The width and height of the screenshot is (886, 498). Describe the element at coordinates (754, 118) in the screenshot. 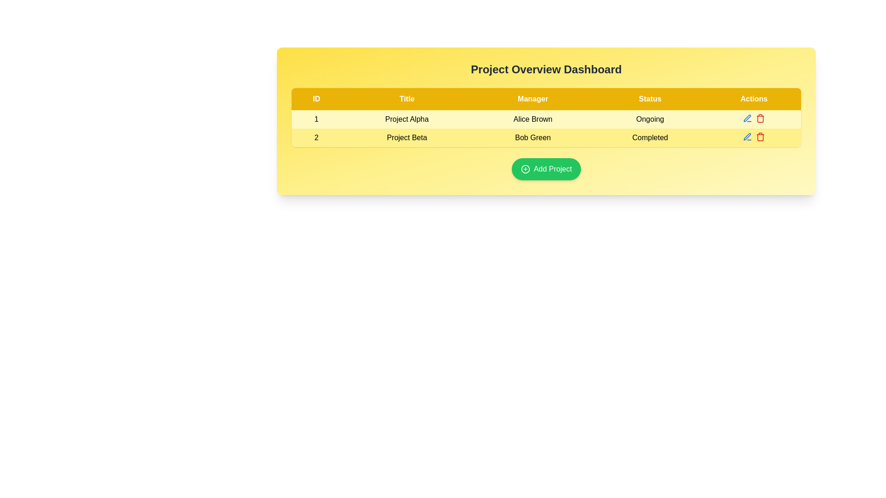

I see `the edit icon in the action group for the entry labeled '1' with project title 'Project Alpha'` at that location.